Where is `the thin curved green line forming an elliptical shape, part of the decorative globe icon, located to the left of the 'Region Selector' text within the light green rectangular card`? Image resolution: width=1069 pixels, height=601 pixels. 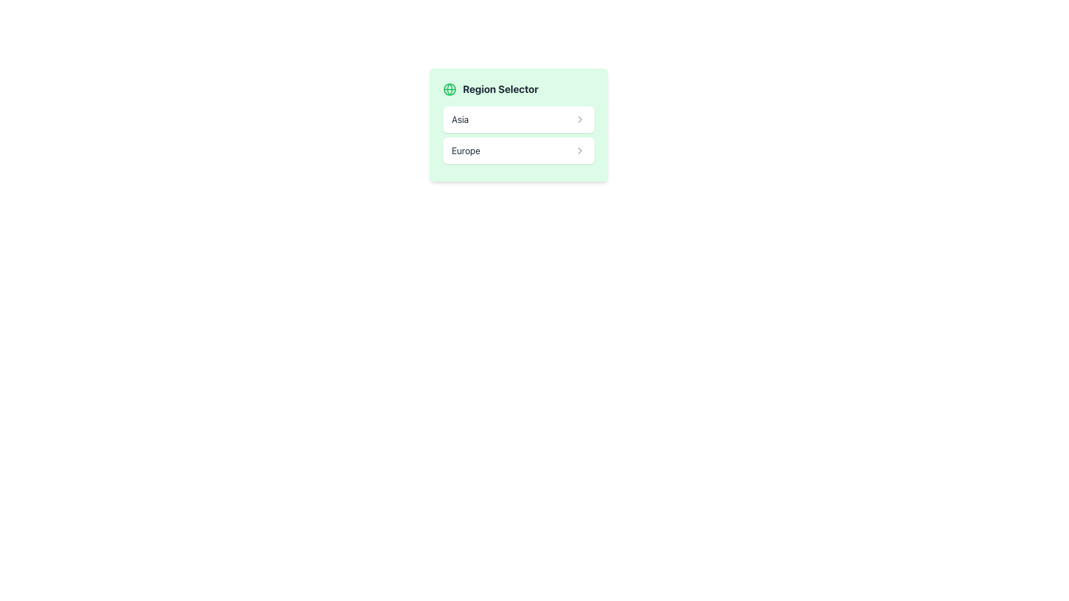 the thin curved green line forming an elliptical shape, part of the decorative globe icon, located to the left of the 'Region Selector' text within the light green rectangular card is located at coordinates (449, 89).